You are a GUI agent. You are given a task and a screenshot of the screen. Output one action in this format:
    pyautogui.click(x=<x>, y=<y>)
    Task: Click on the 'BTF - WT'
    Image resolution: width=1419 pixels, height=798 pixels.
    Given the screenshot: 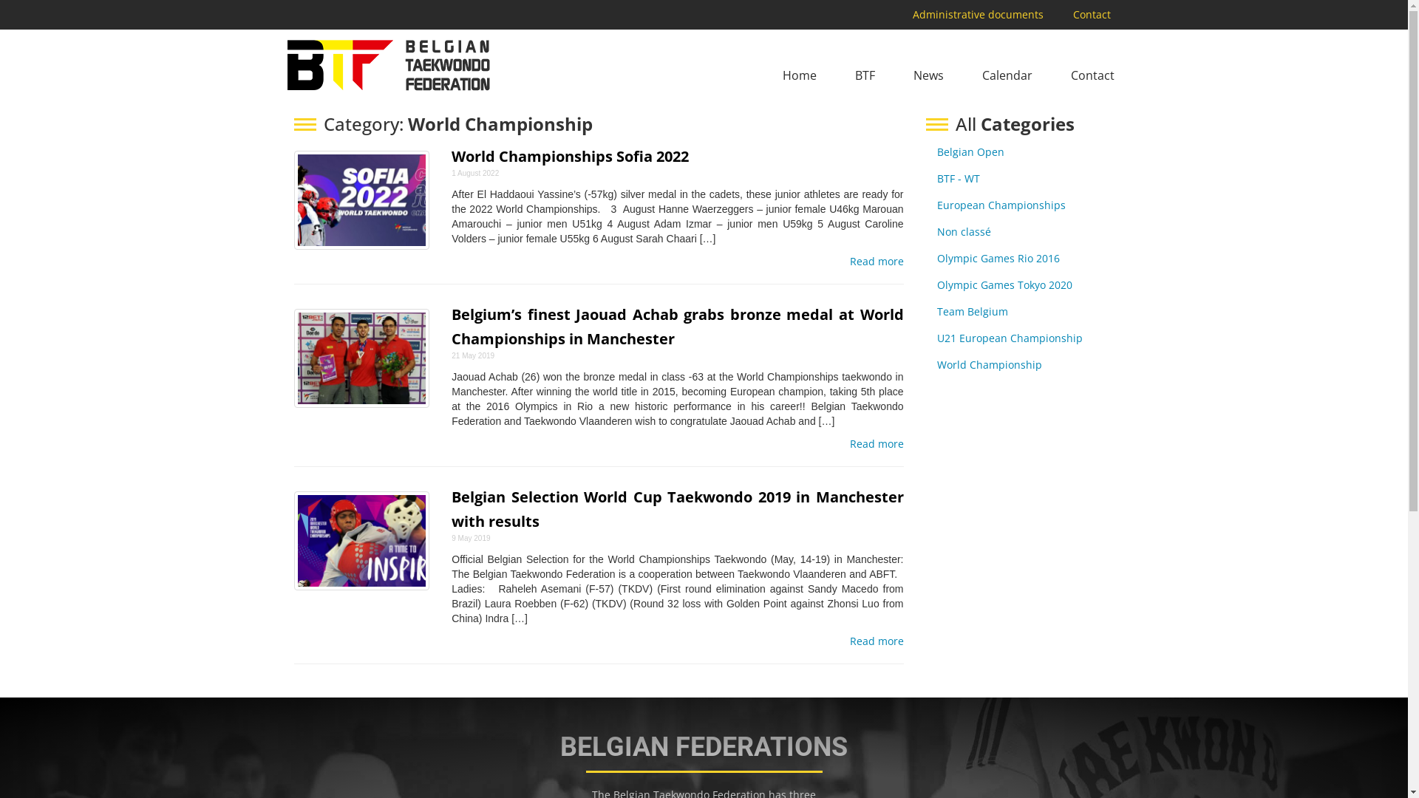 What is the action you would take?
    pyautogui.click(x=958, y=177)
    